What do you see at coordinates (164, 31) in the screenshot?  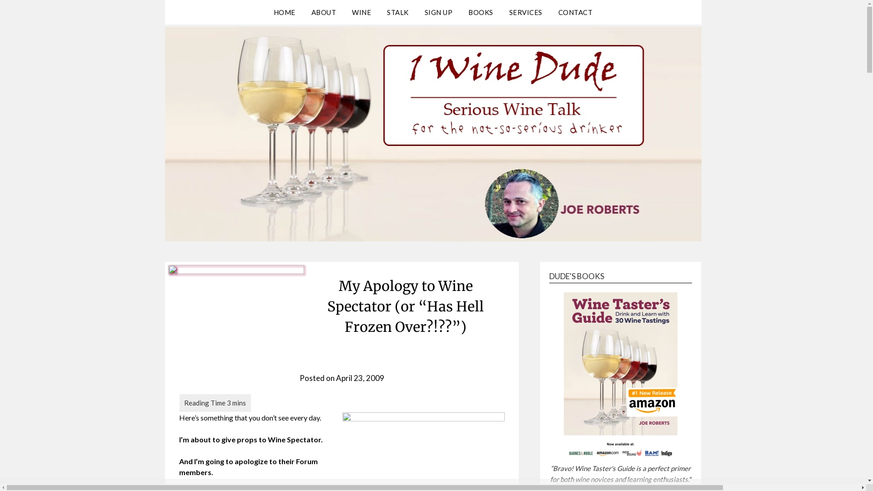 I see `'1 Wine Dude'` at bounding box center [164, 31].